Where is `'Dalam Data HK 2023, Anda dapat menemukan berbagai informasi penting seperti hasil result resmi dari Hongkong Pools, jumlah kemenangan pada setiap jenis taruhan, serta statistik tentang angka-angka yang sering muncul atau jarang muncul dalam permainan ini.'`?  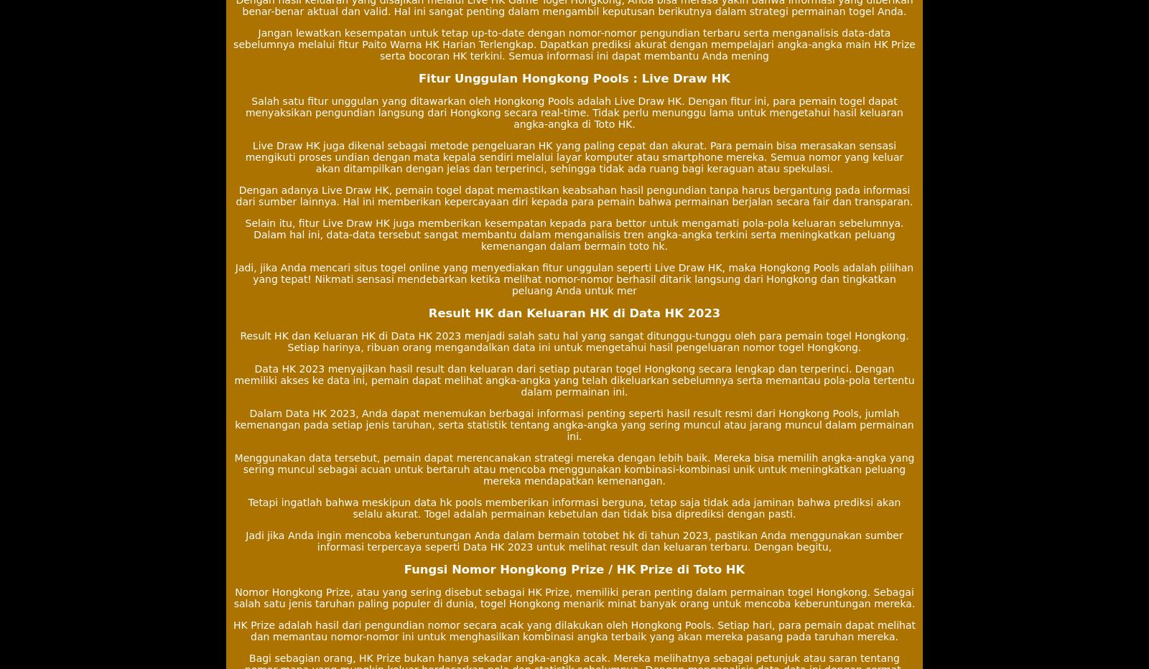 'Dalam Data HK 2023, Anda dapat menemukan berbagai informasi penting seperti hasil result resmi dari Hongkong Pools, jumlah kemenangan pada setiap jenis taruhan, serta statistik tentang angka-angka yang sering muncul atau jarang muncul dalam permainan ini.' is located at coordinates (574, 424).